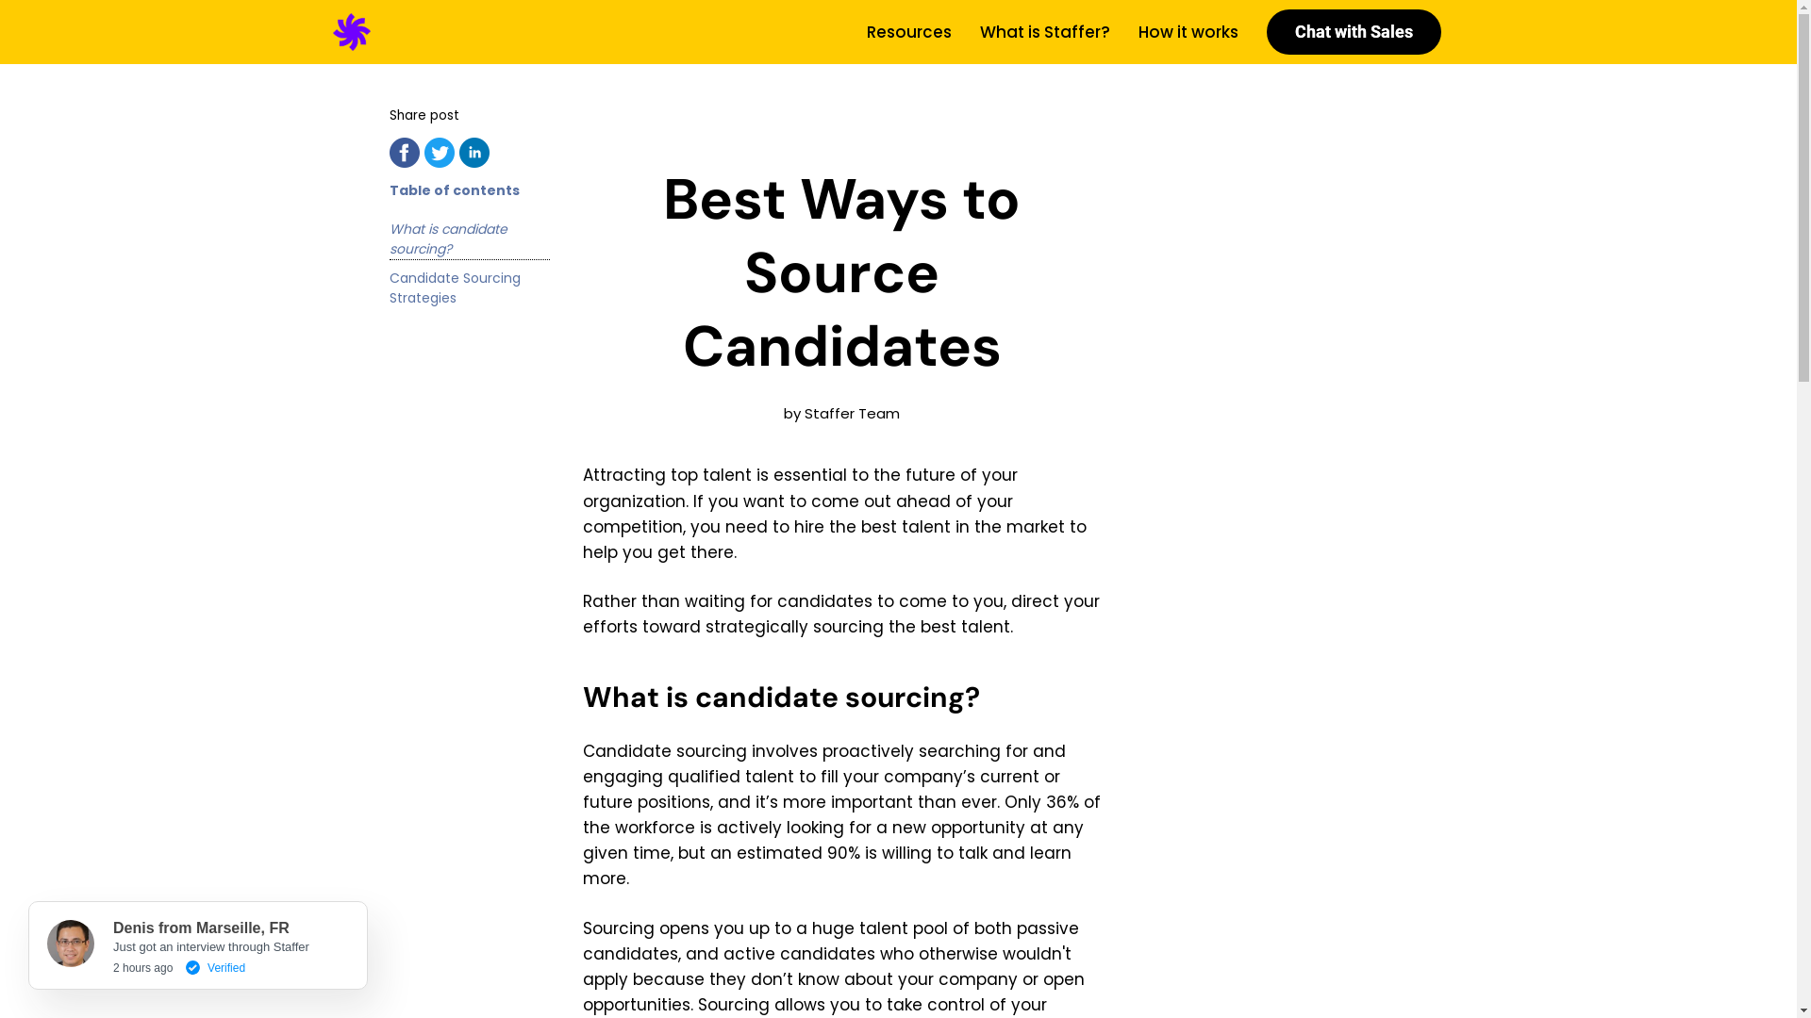 The width and height of the screenshot is (1811, 1018). I want to click on 'What is Staffer?', so click(1043, 32).